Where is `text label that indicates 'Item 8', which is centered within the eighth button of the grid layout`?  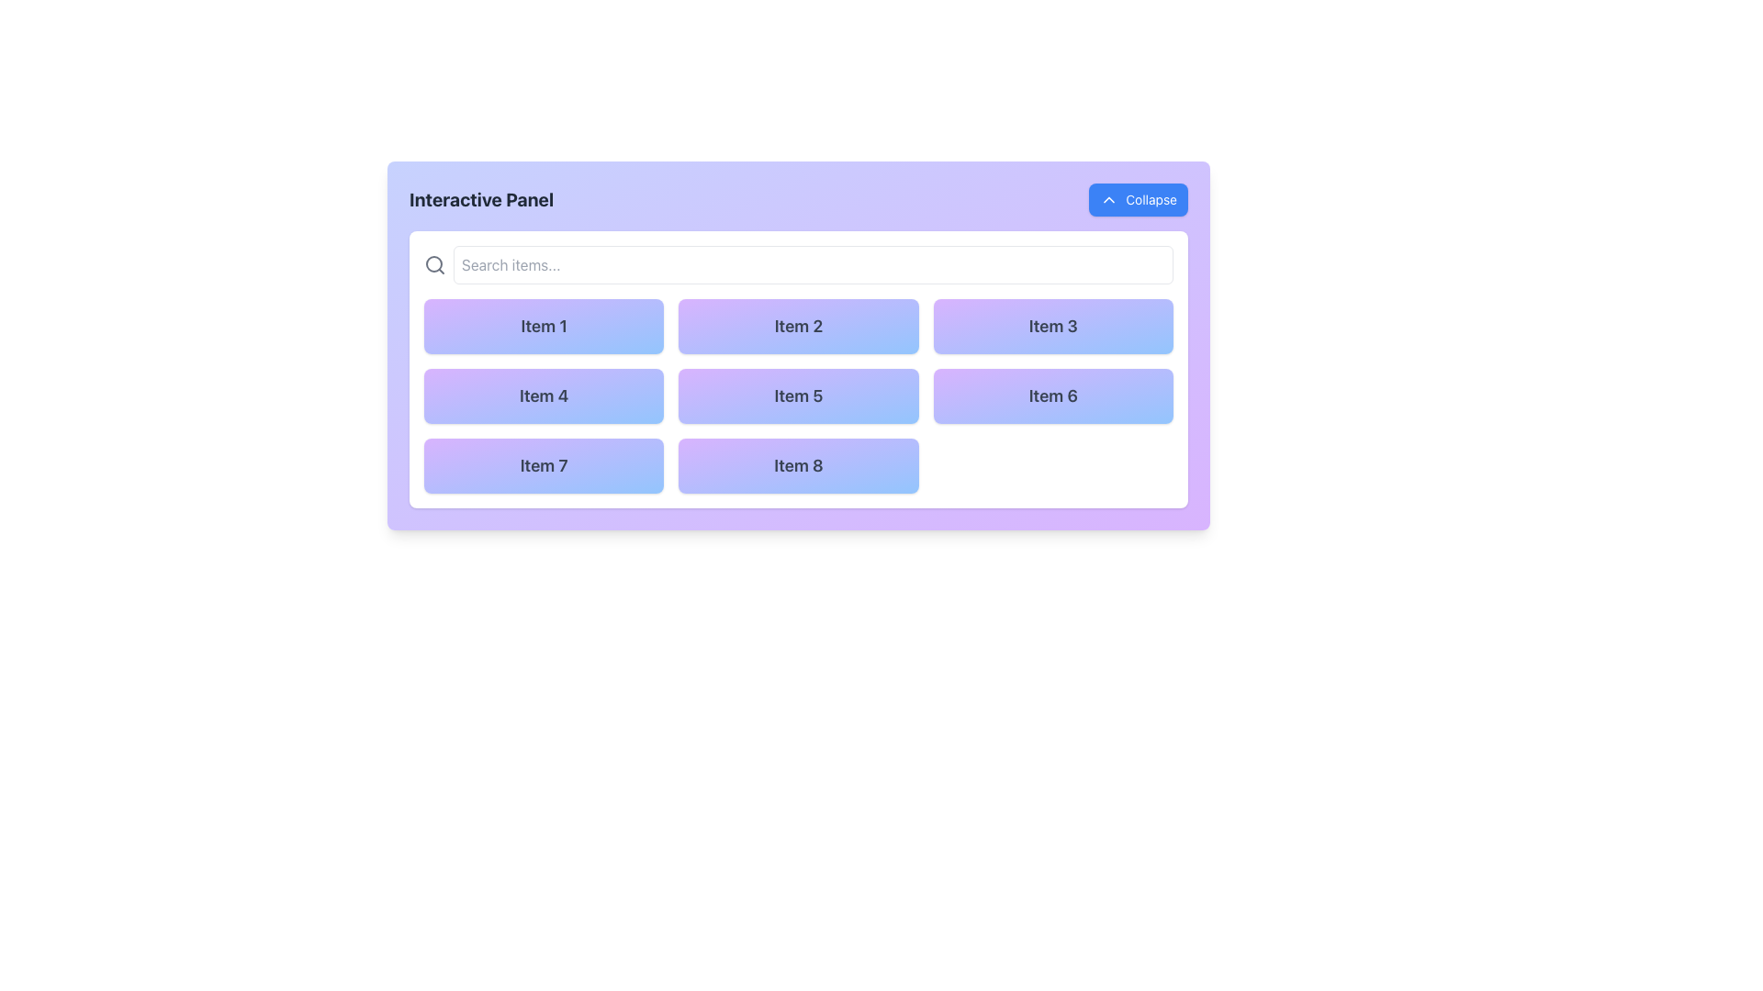
text label that indicates 'Item 8', which is centered within the eighth button of the grid layout is located at coordinates (798, 464).